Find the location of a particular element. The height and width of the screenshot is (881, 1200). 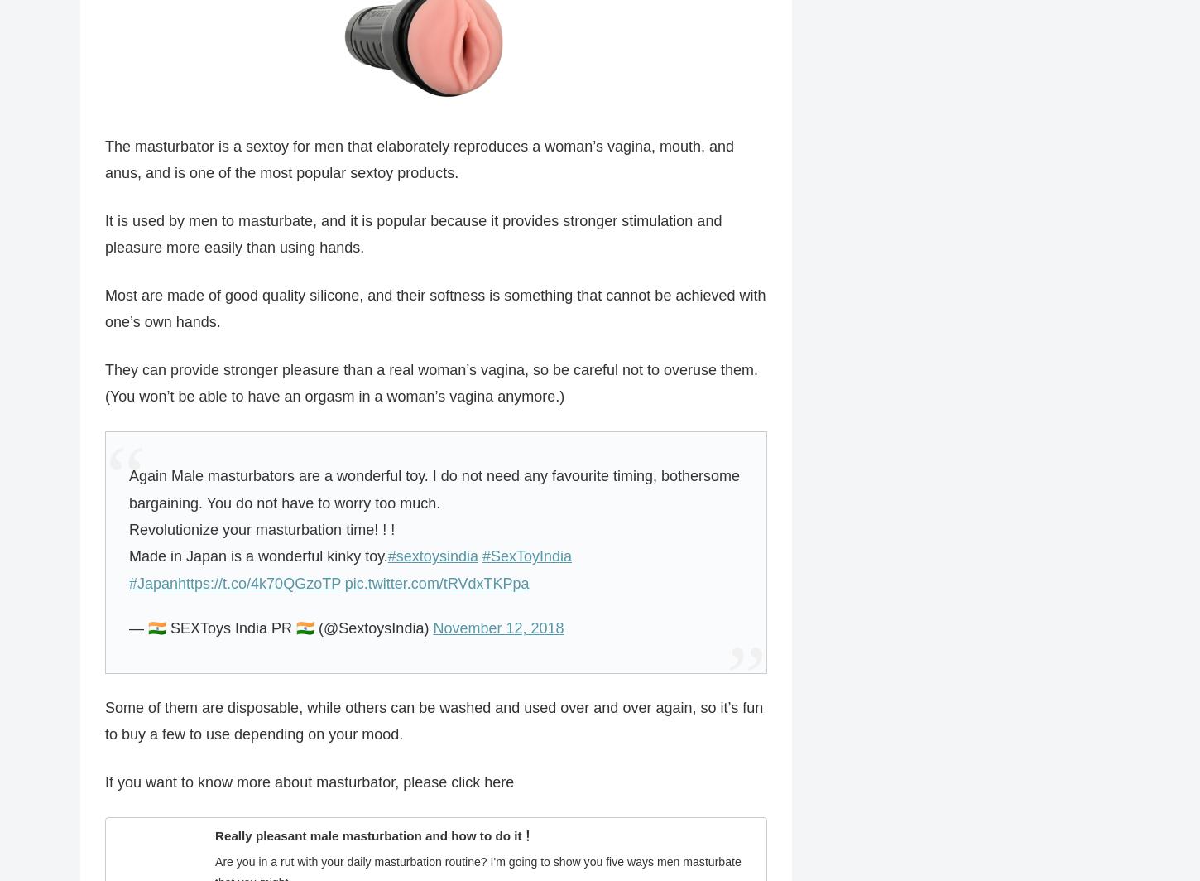

'Revolutionize your masturbation time! ! !' is located at coordinates (262, 530).